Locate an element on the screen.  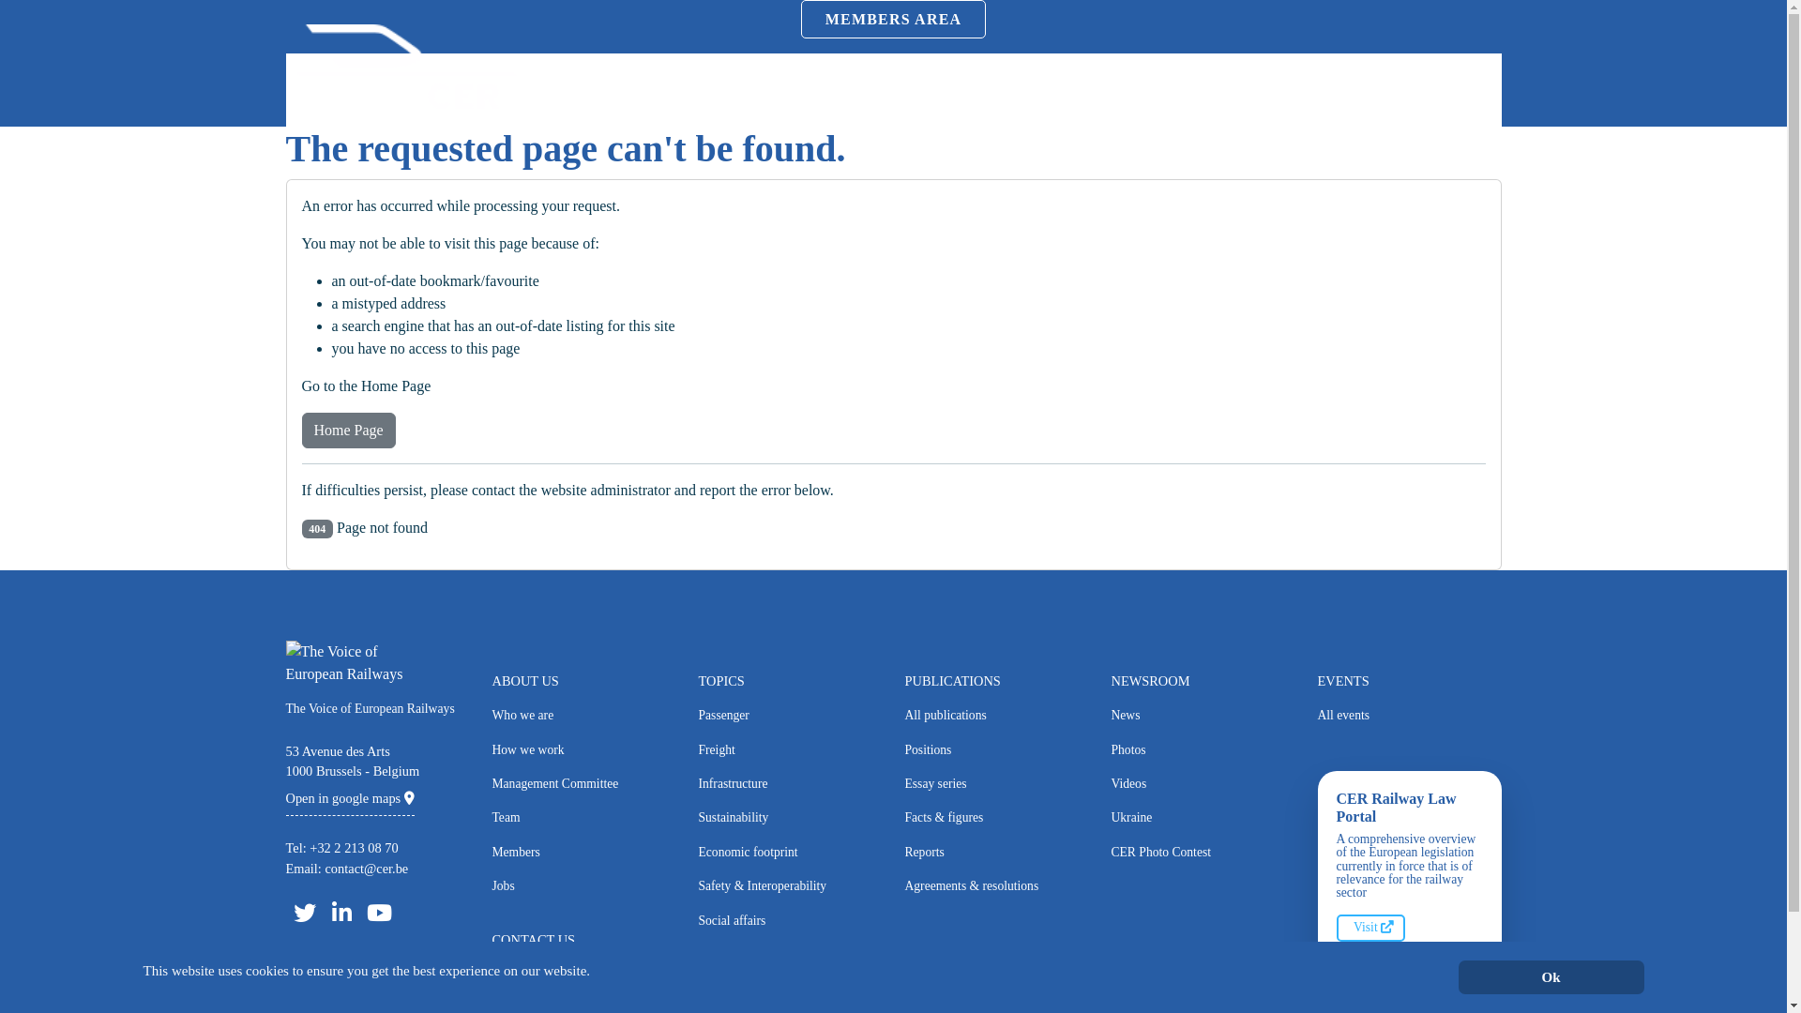
'Team' is located at coordinates (583, 816).